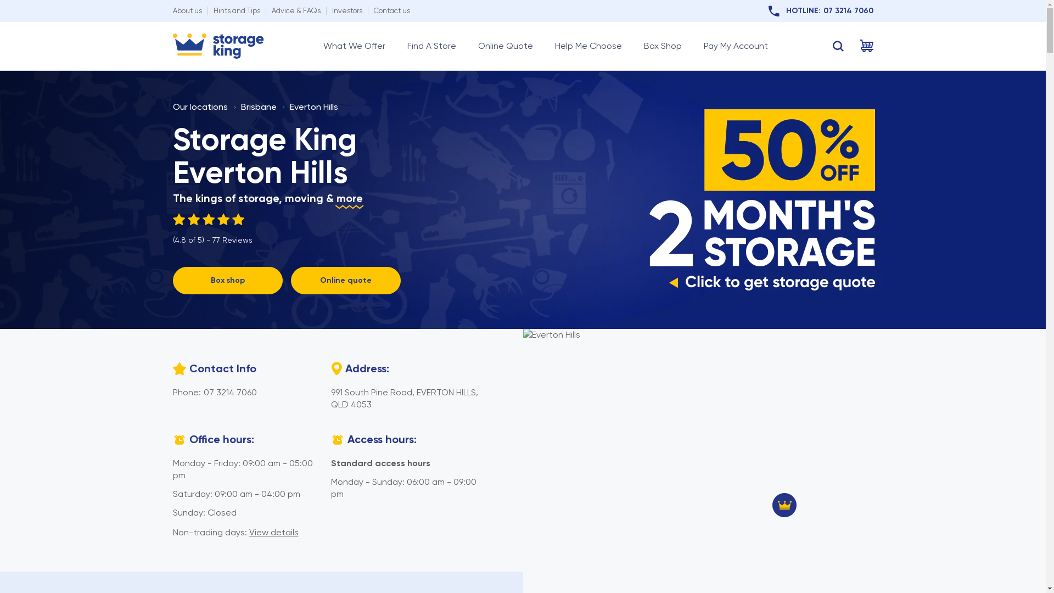  I want to click on '(4.8 of 5) - 77 Reviews', so click(212, 228).